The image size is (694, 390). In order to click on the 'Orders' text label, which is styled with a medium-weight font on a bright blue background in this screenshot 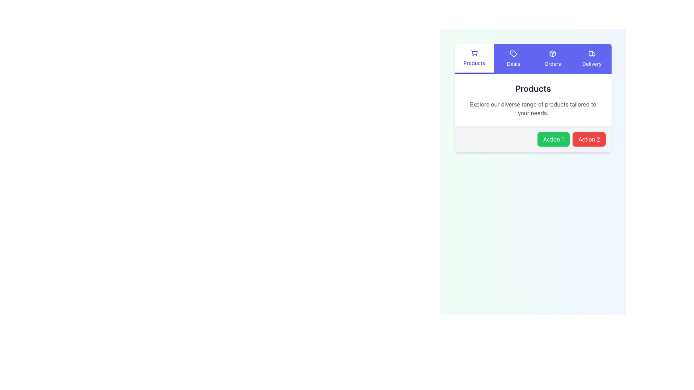, I will do `click(552, 64)`.